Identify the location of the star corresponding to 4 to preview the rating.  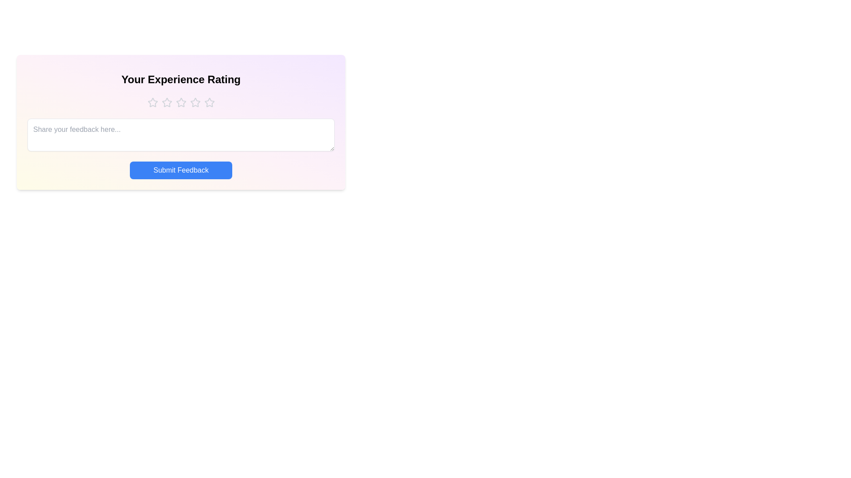
(195, 102).